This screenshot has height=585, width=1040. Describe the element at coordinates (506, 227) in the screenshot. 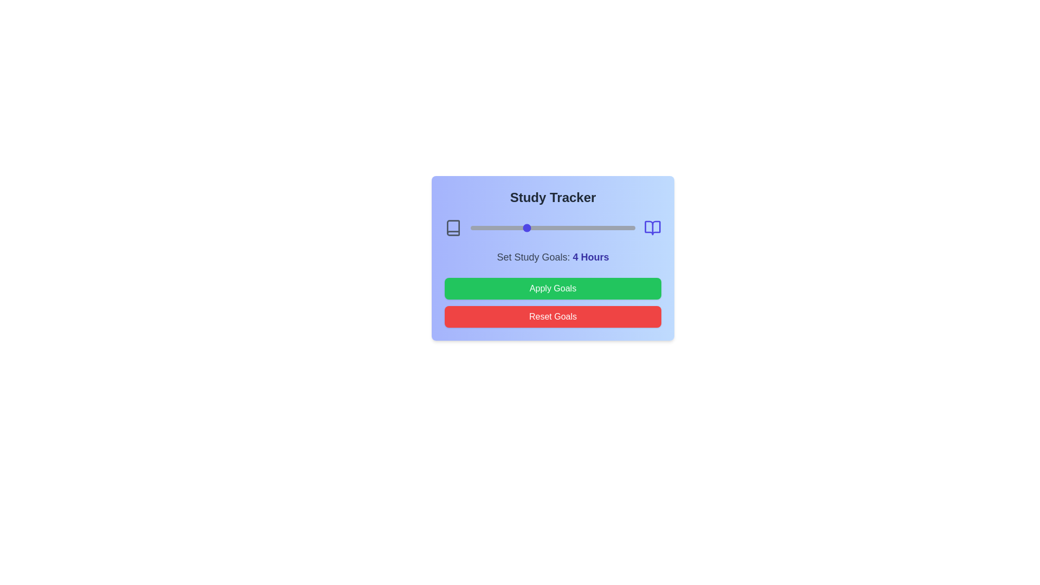

I see `the study hours slider to 3 hours` at that location.